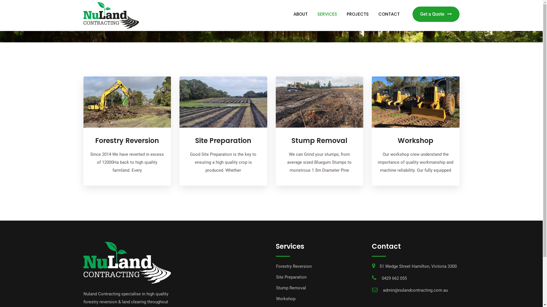 This screenshot has height=307, width=547. What do you see at coordinates (327, 14) in the screenshot?
I see `'SERVICES'` at bounding box center [327, 14].